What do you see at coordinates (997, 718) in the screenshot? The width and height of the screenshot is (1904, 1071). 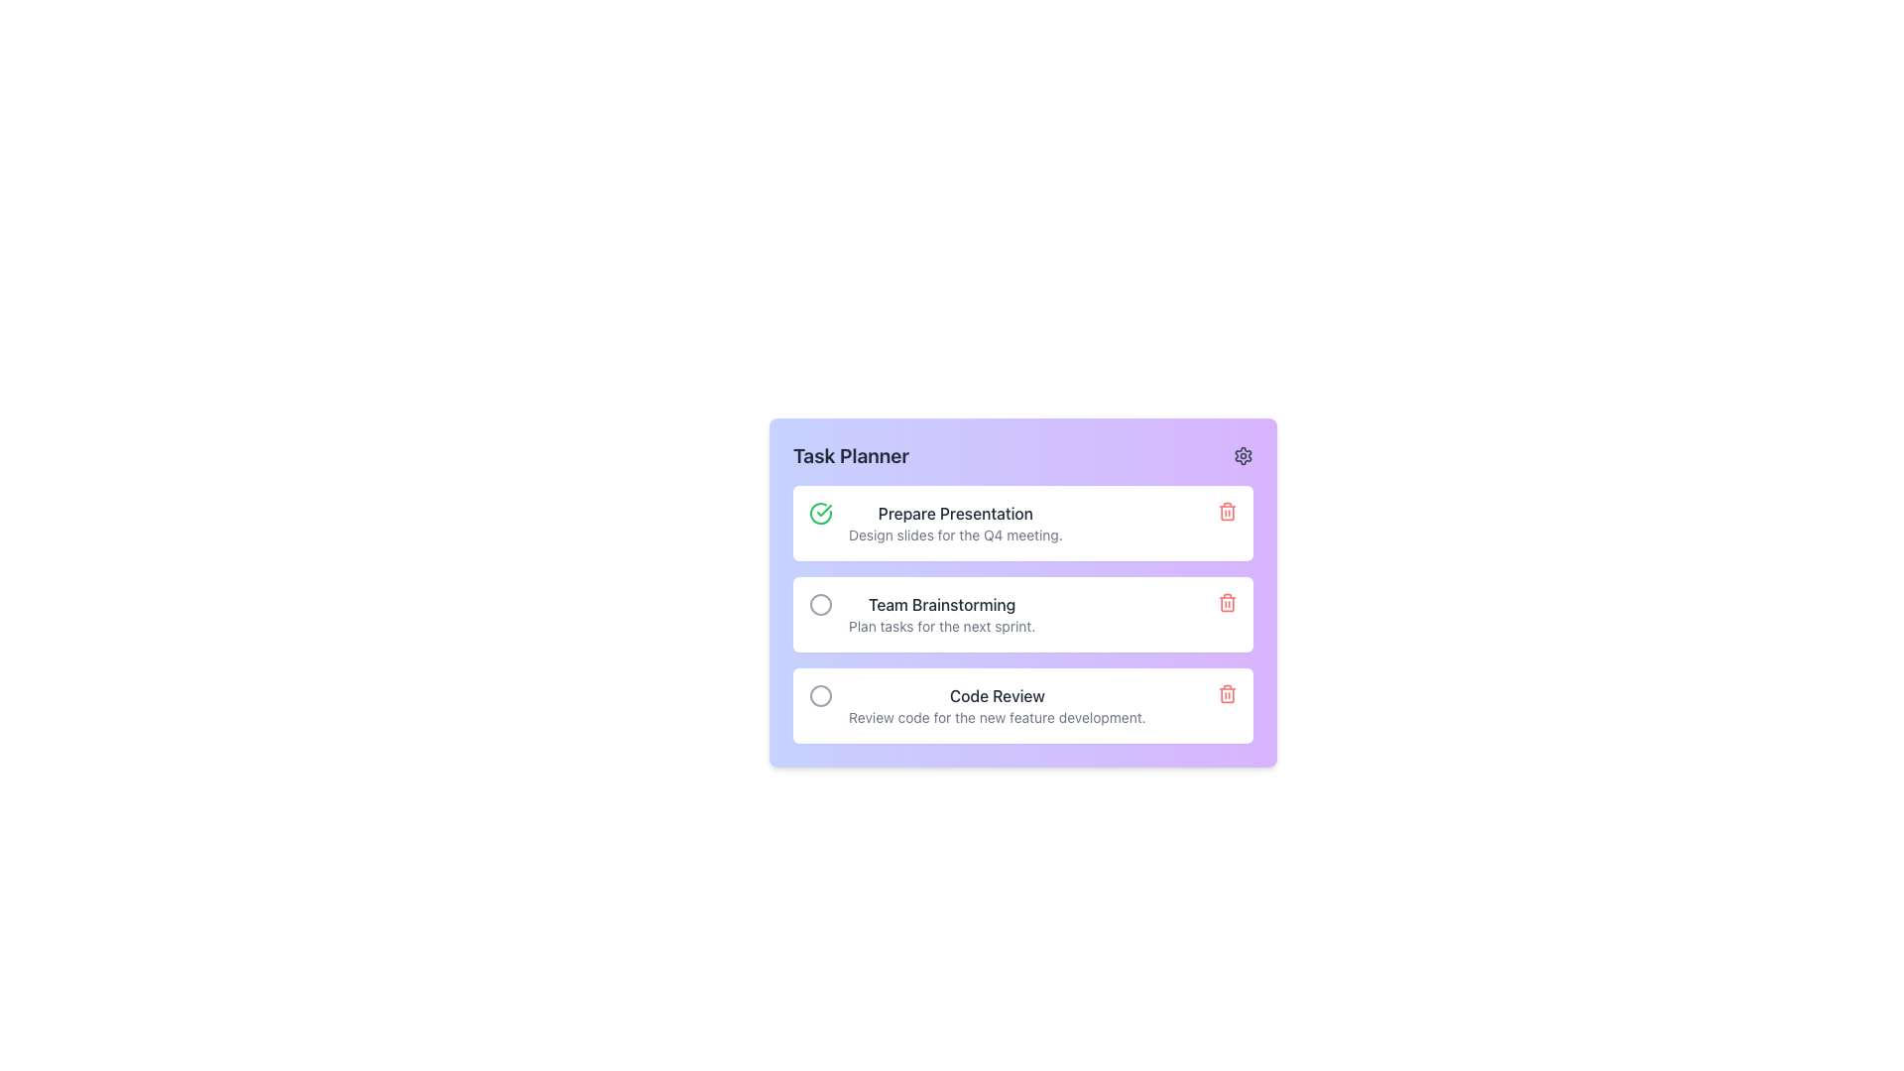 I see `detailed information text located at the lower part of the card labeled 'Code Review', which is the third task entry from the top of the task planner interface` at bounding box center [997, 718].